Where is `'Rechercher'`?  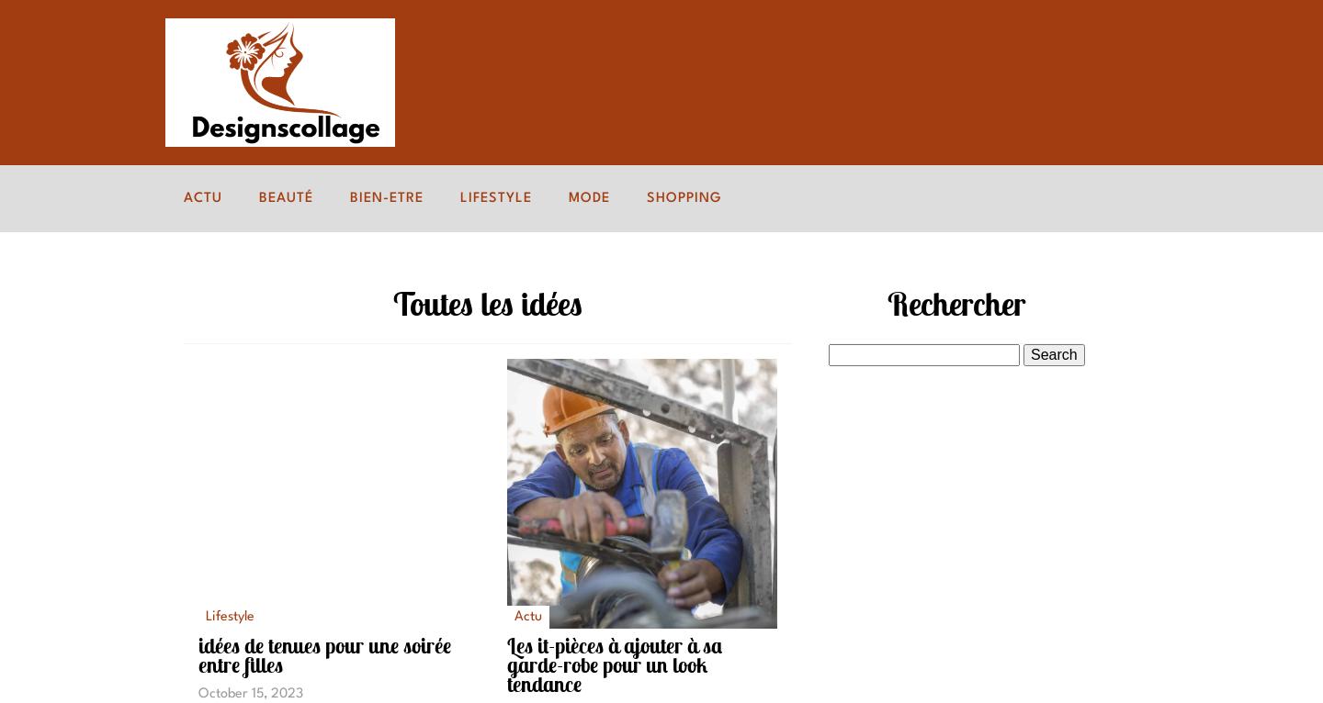 'Rechercher' is located at coordinates (955, 302).